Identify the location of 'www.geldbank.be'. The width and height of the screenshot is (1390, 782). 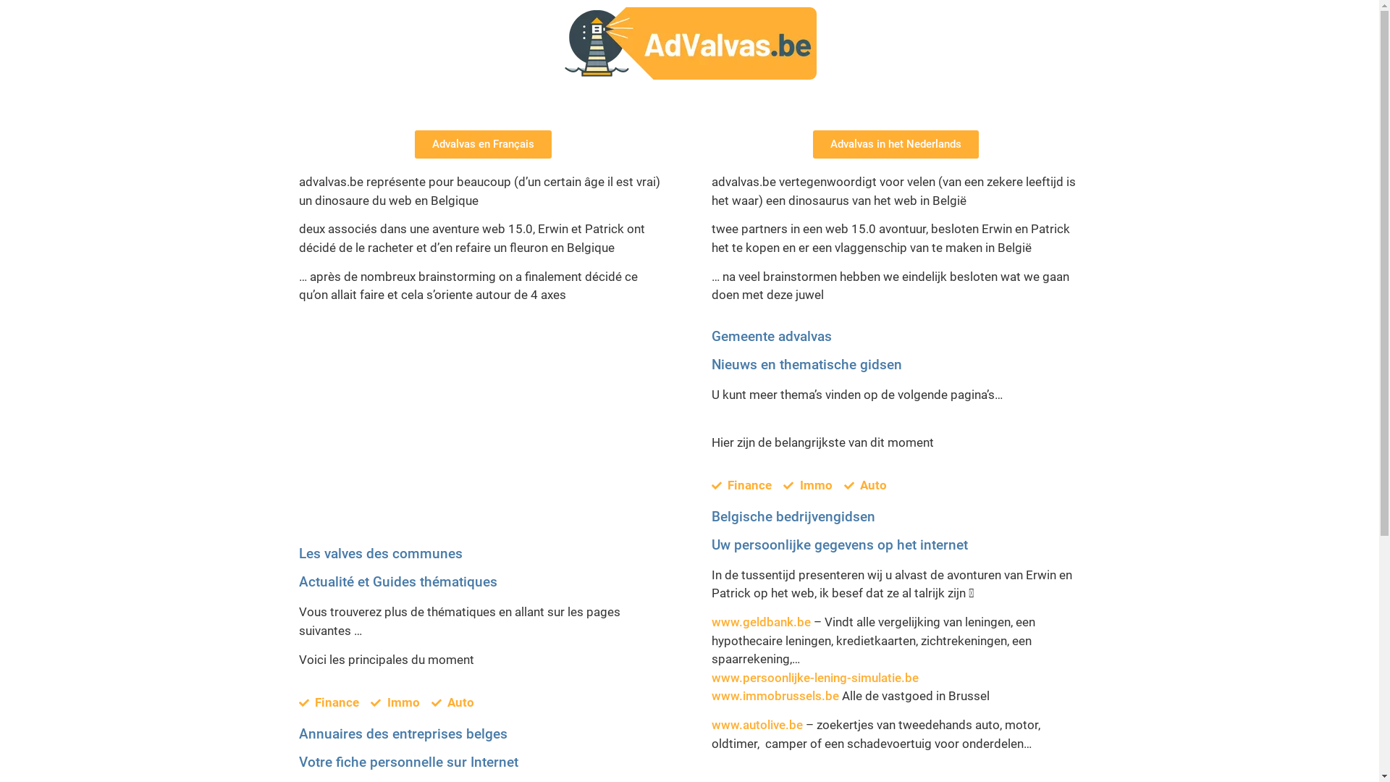
(711, 621).